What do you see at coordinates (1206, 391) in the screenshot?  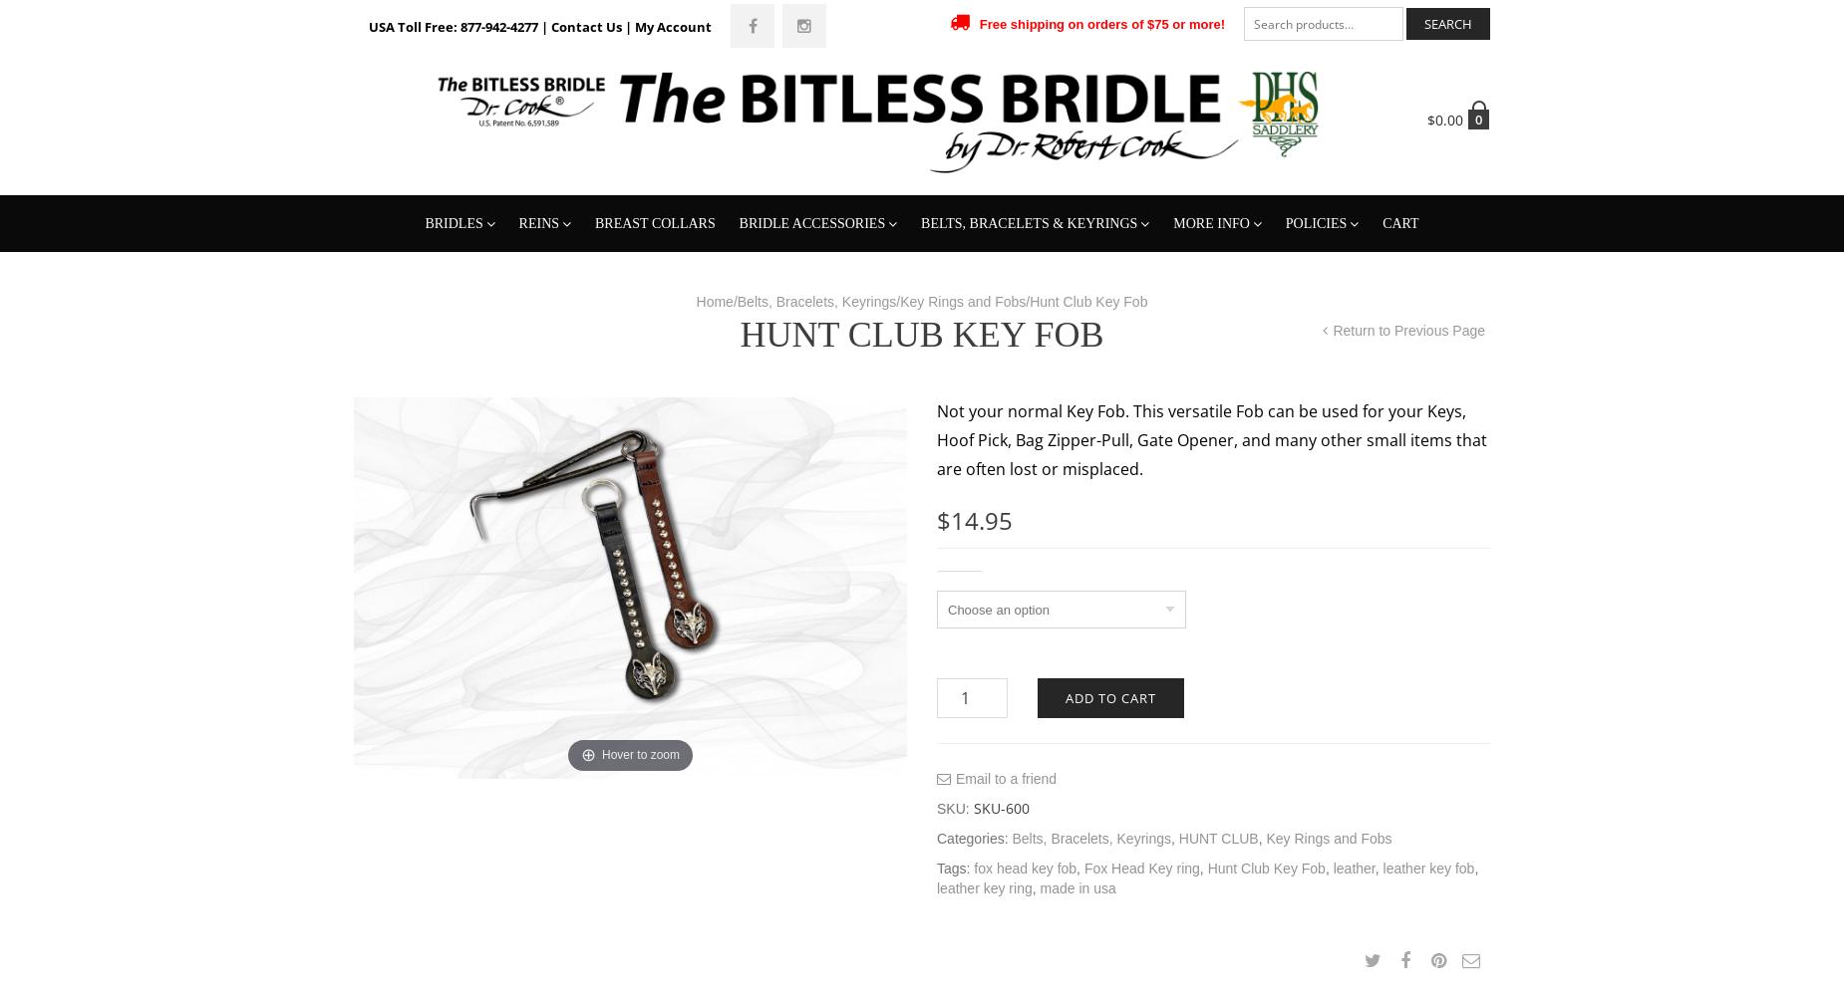 I see `'Articles'` at bounding box center [1206, 391].